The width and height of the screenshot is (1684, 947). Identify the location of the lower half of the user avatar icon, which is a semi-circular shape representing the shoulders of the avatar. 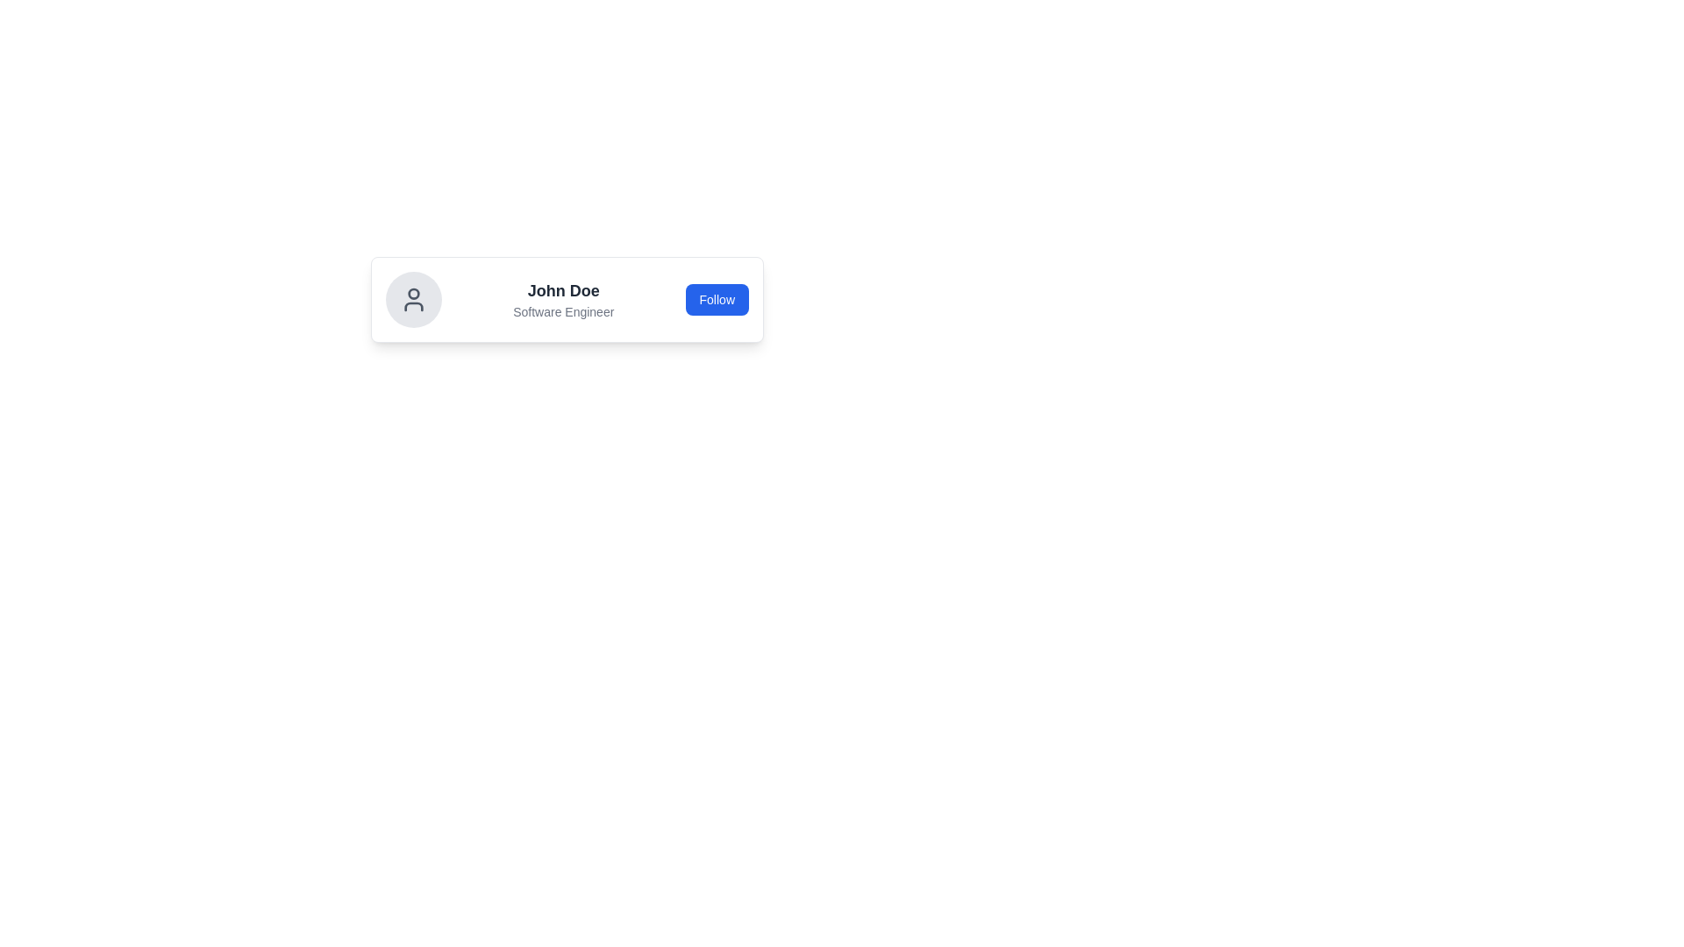
(412, 306).